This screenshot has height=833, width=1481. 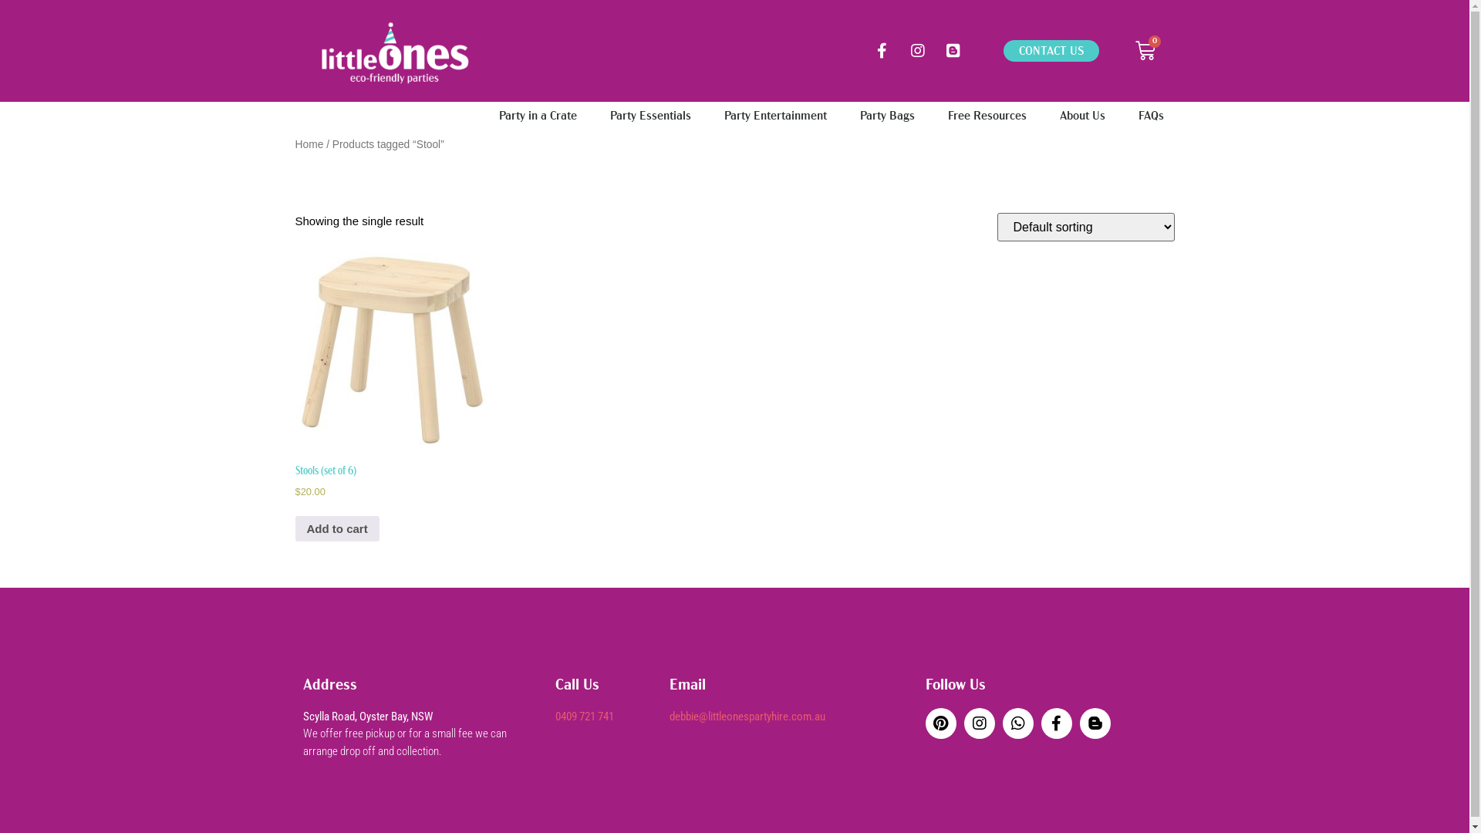 What do you see at coordinates (1145, 49) in the screenshot?
I see `'0'` at bounding box center [1145, 49].